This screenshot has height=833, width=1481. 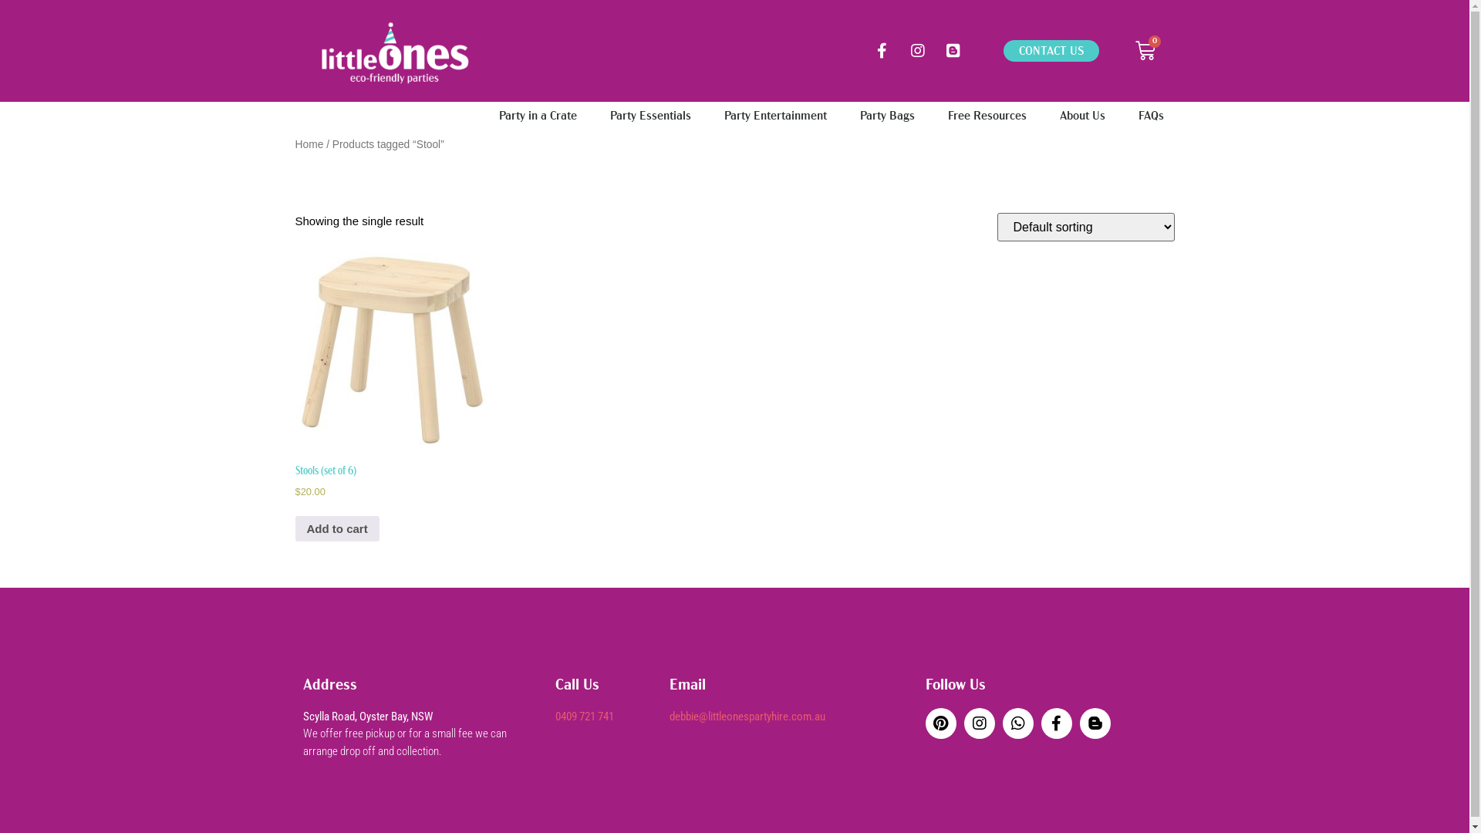 What do you see at coordinates (1145, 49) in the screenshot?
I see `'0'` at bounding box center [1145, 49].